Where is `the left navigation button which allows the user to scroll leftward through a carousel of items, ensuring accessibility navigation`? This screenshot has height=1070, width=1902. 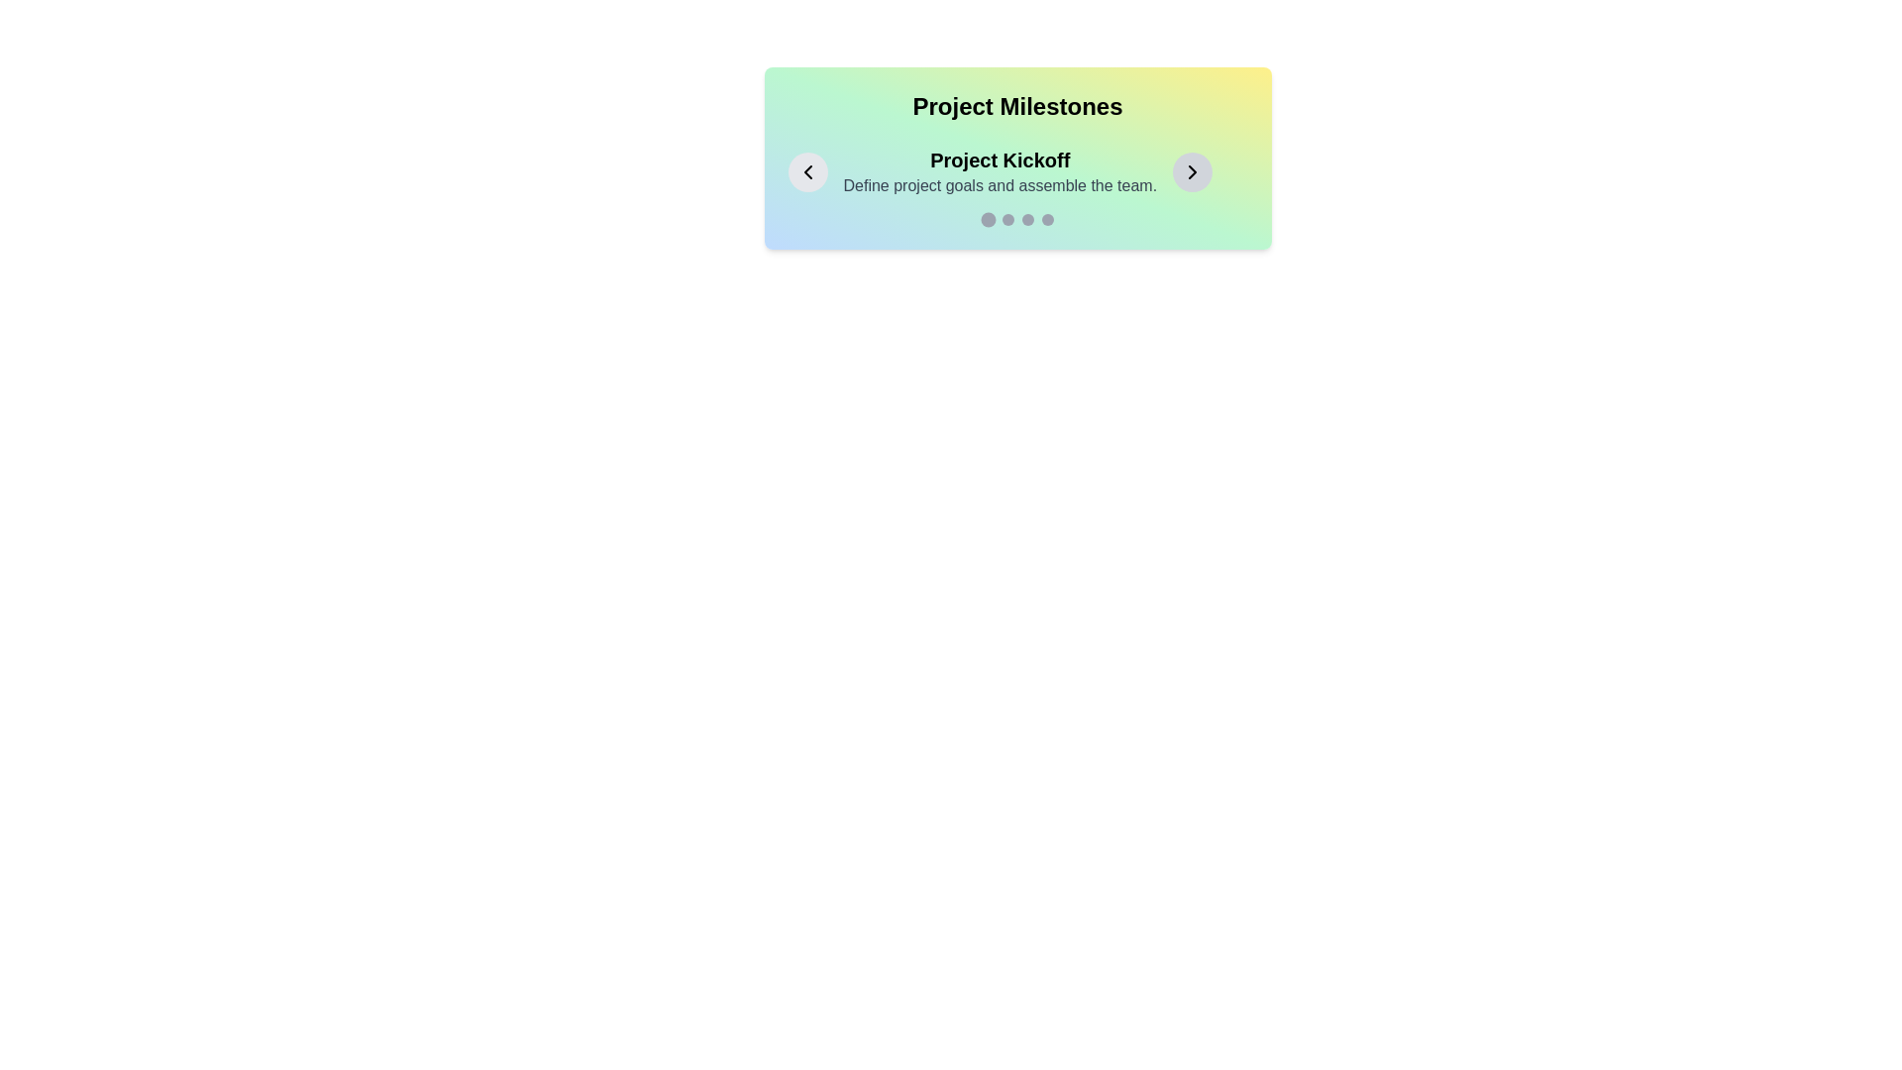
the left navigation button which allows the user to scroll leftward through a carousel of items, ensuring accessibility navigation is located at coordinates (807, 170).